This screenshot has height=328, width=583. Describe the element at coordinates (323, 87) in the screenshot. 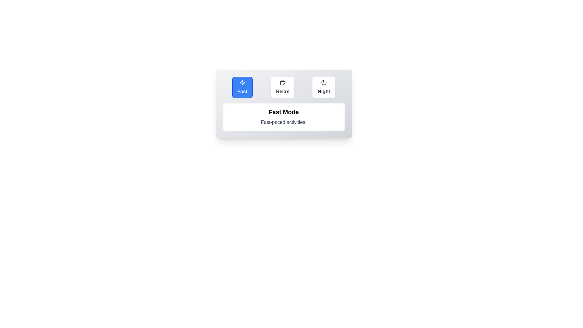

I see `the 'Night' button, which is a rounded rectangular button with a moon icon and bold text` at that location.